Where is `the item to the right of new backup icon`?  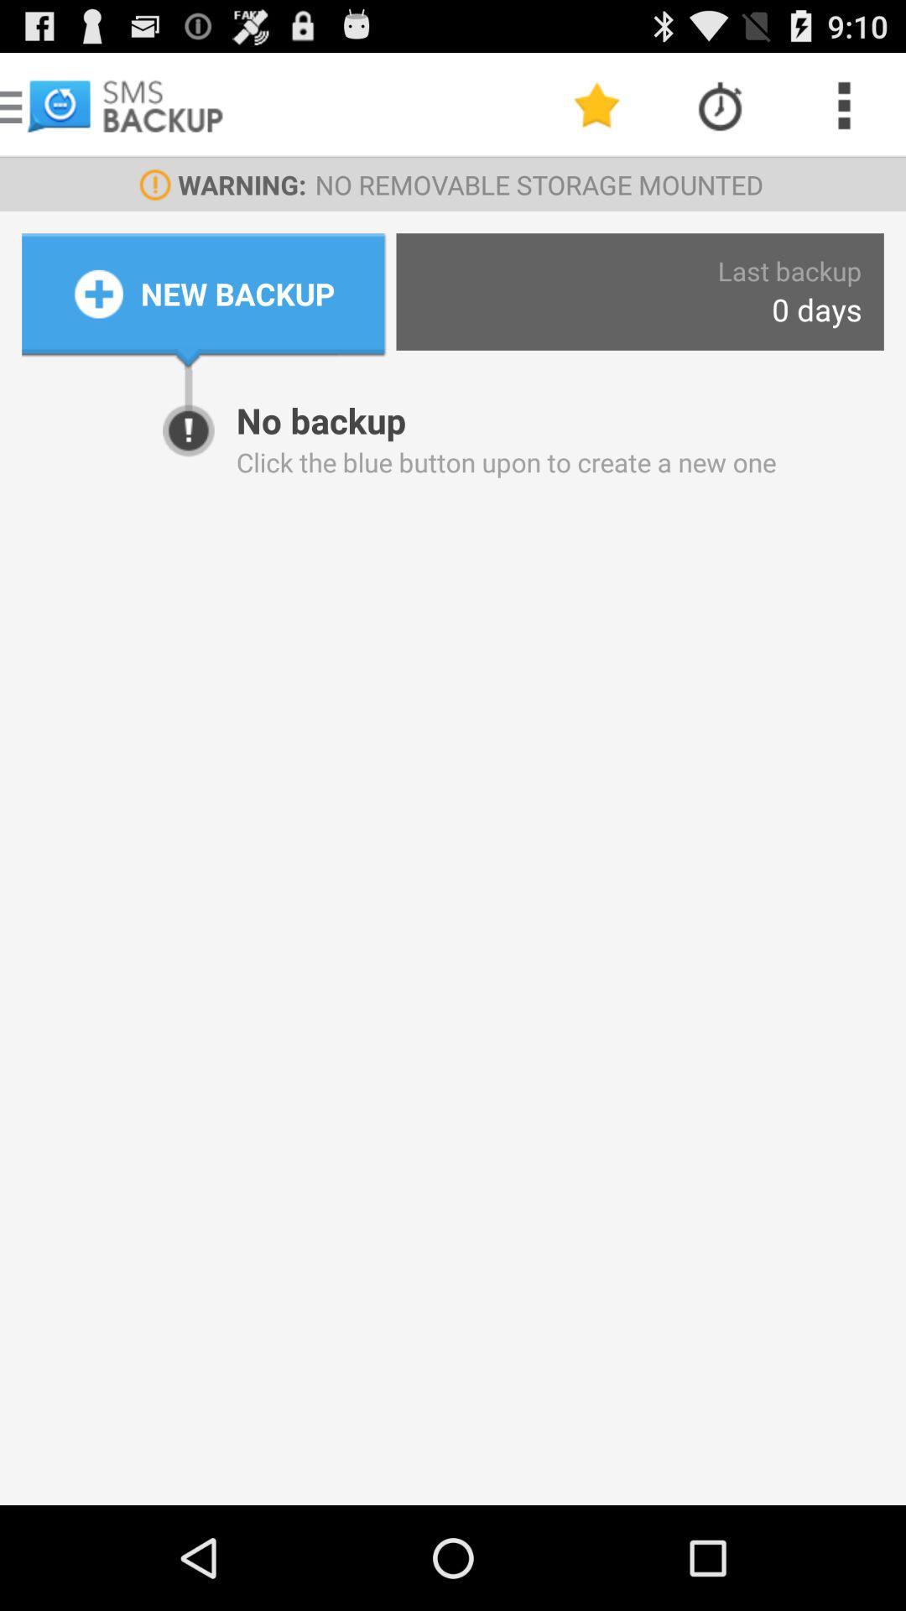 the item to the right of new backup icon is located at coordinates (815, 310).